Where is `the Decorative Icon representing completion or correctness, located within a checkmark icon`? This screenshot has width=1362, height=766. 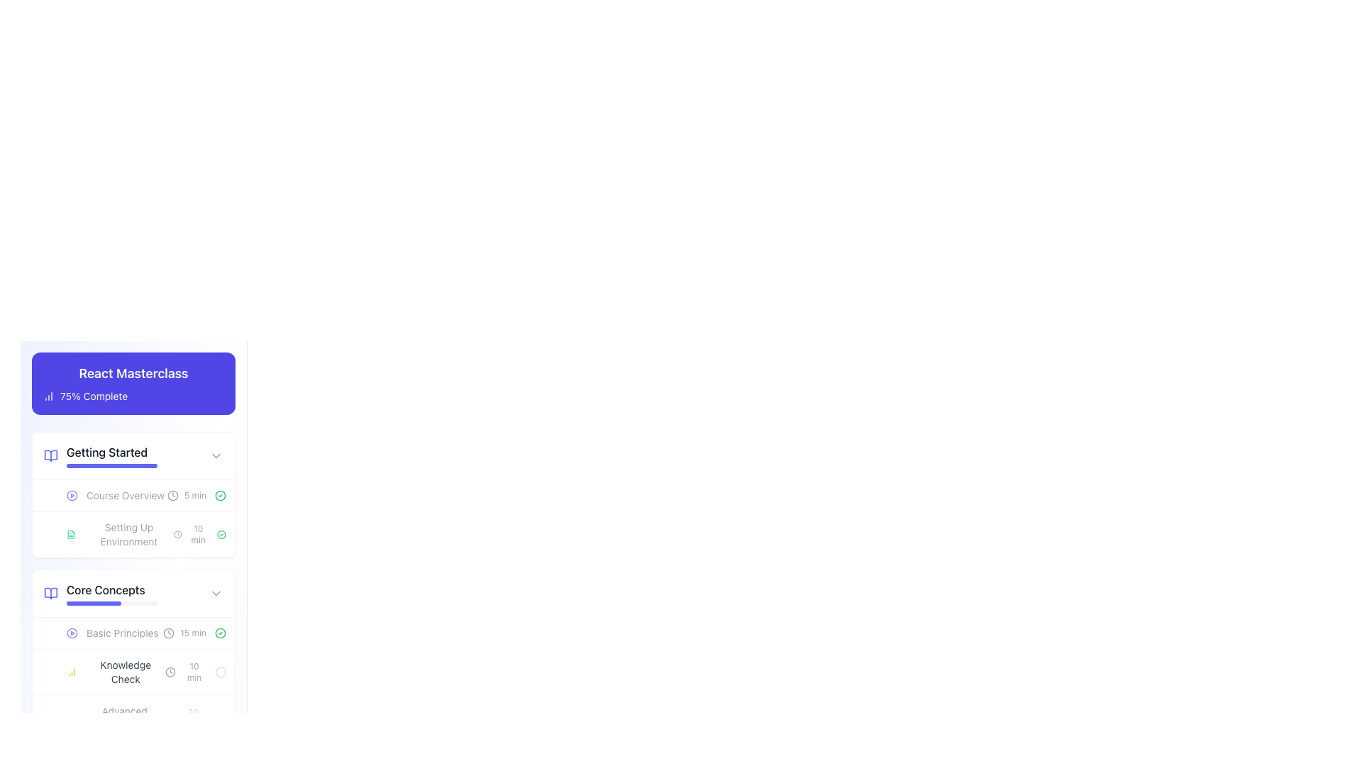
the Decorative Icon representing completion or correctness, located within a checkmark icon is located at coordinates (220, 633).